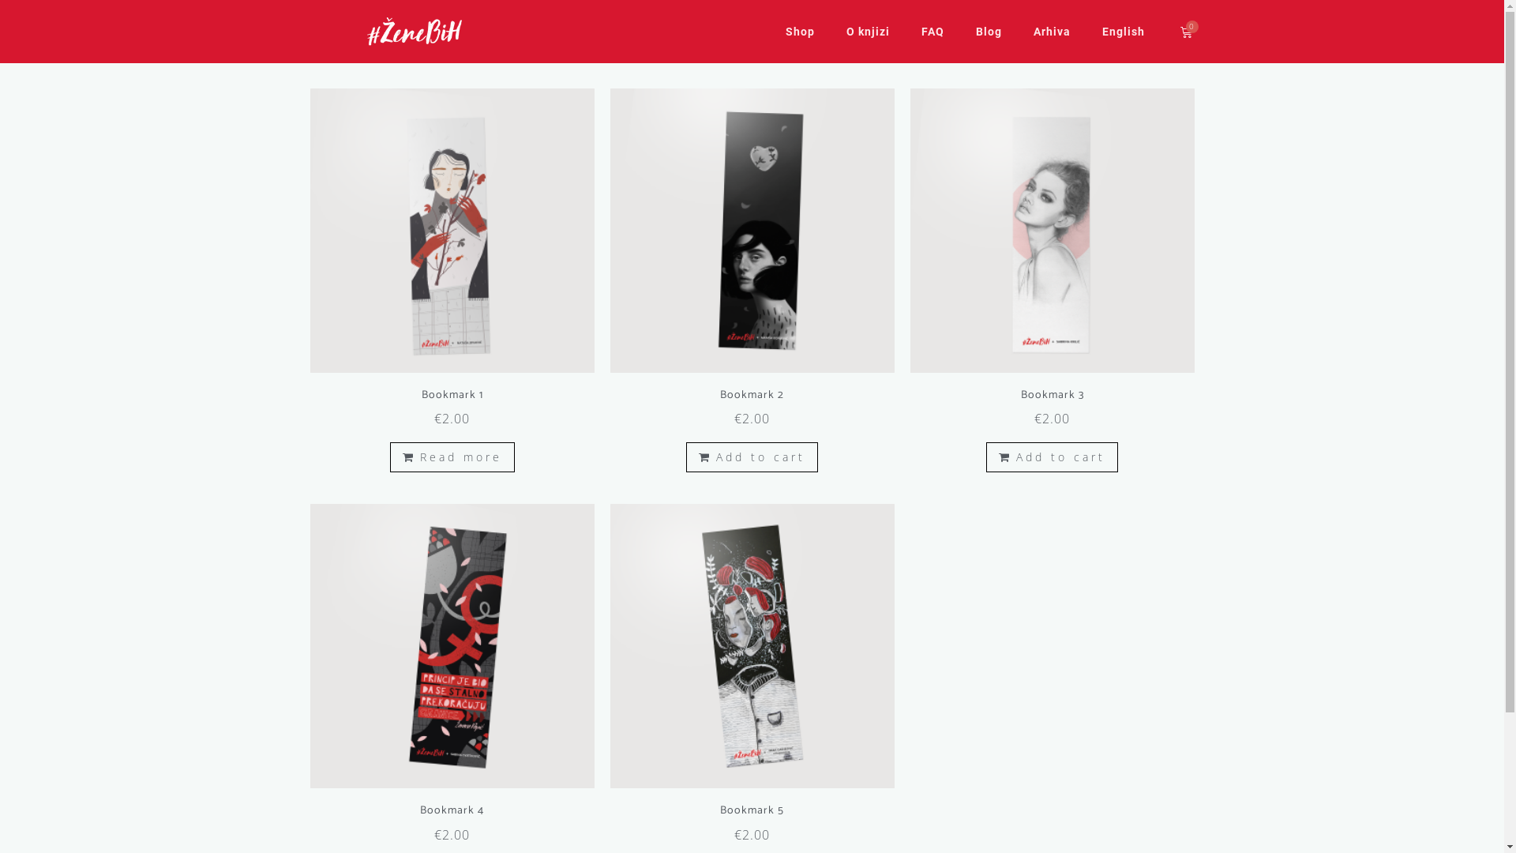  What do you see at coordinates (1051, 31) in the screenshot?
I see `'Arhiva'` at bounding box center [1051, 31].